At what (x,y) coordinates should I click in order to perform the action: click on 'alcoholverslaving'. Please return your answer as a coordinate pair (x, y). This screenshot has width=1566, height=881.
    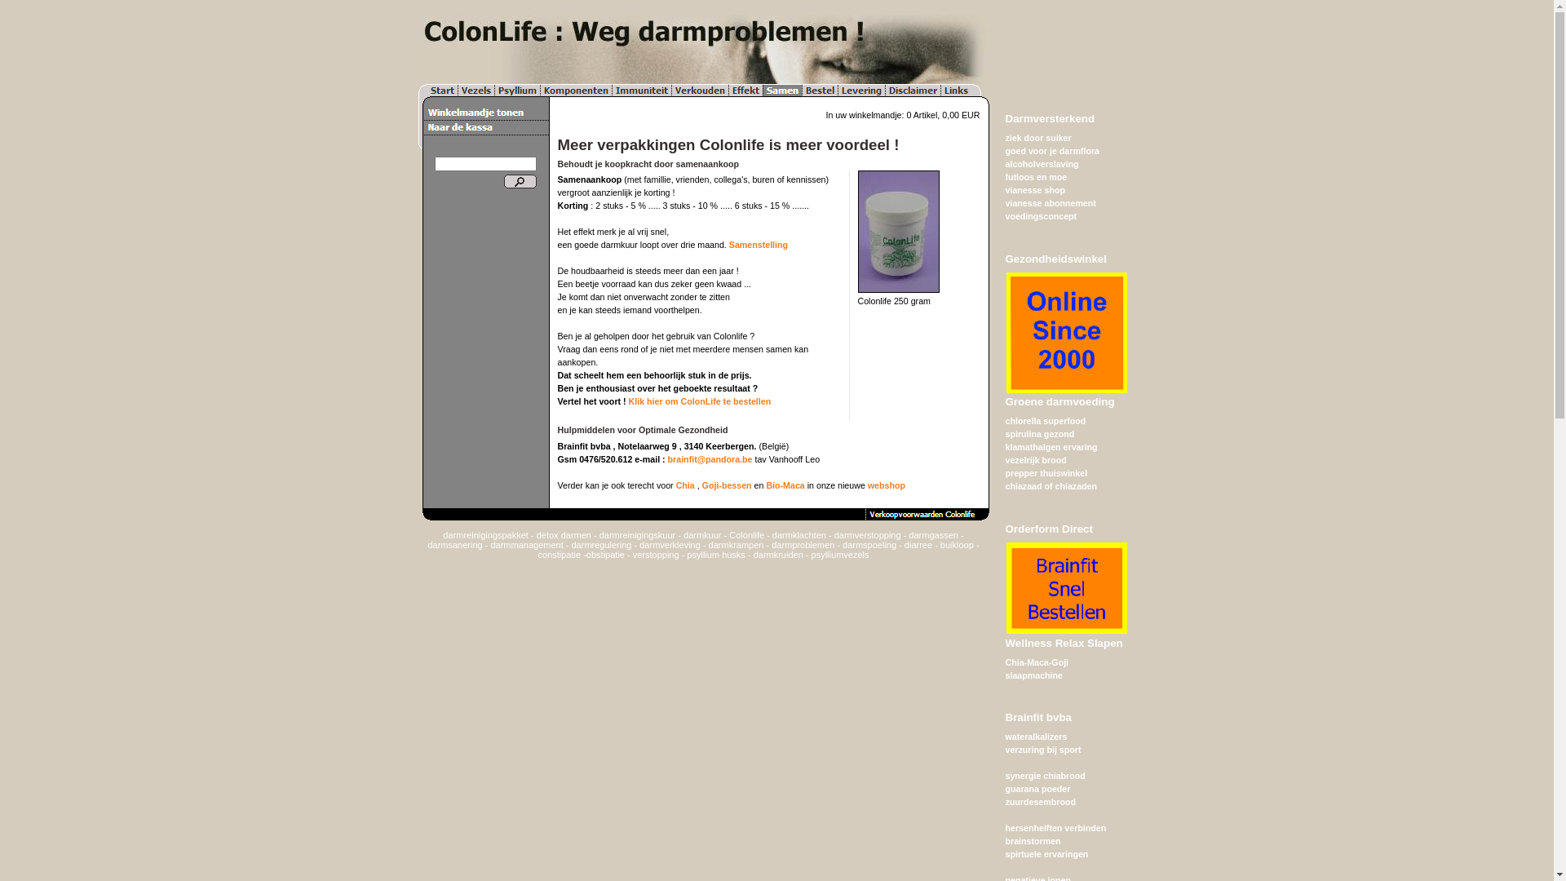
    Looking at the image, I should click on (1040, 163).